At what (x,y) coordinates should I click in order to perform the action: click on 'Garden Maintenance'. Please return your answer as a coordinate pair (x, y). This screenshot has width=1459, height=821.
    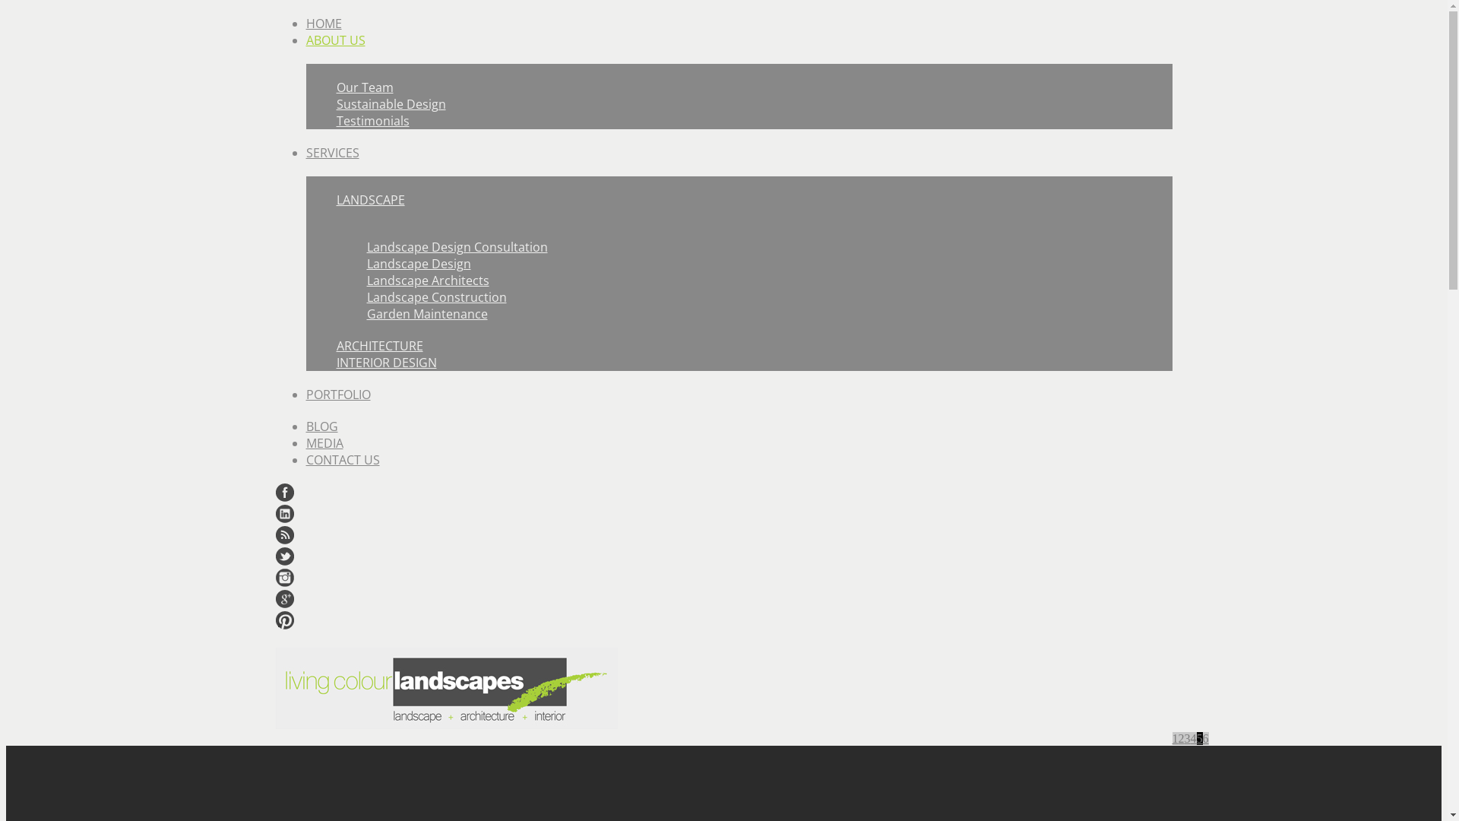
    Looking at the image, I should click on (426, 312).